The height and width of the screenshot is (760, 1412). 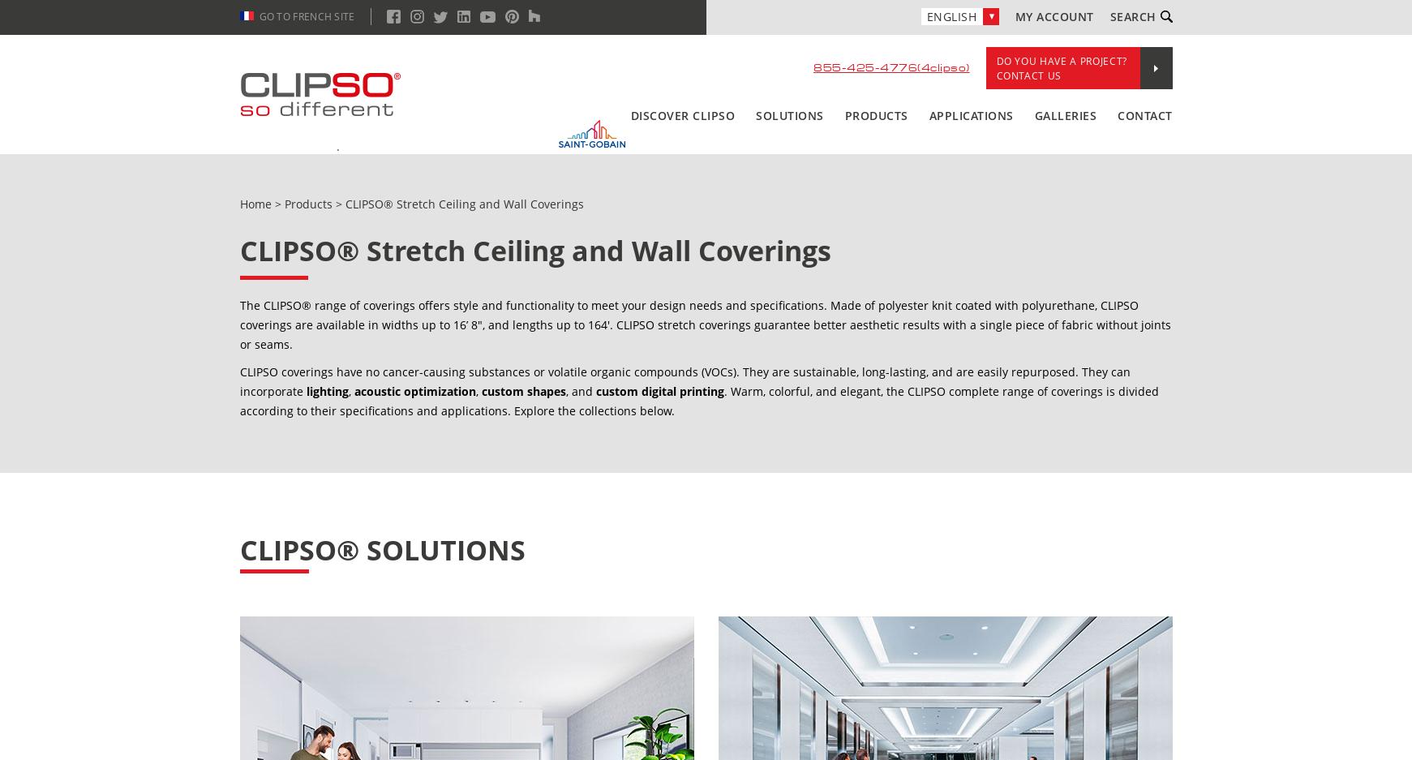 I want to click on 'Products', so click(x=307, y=203).